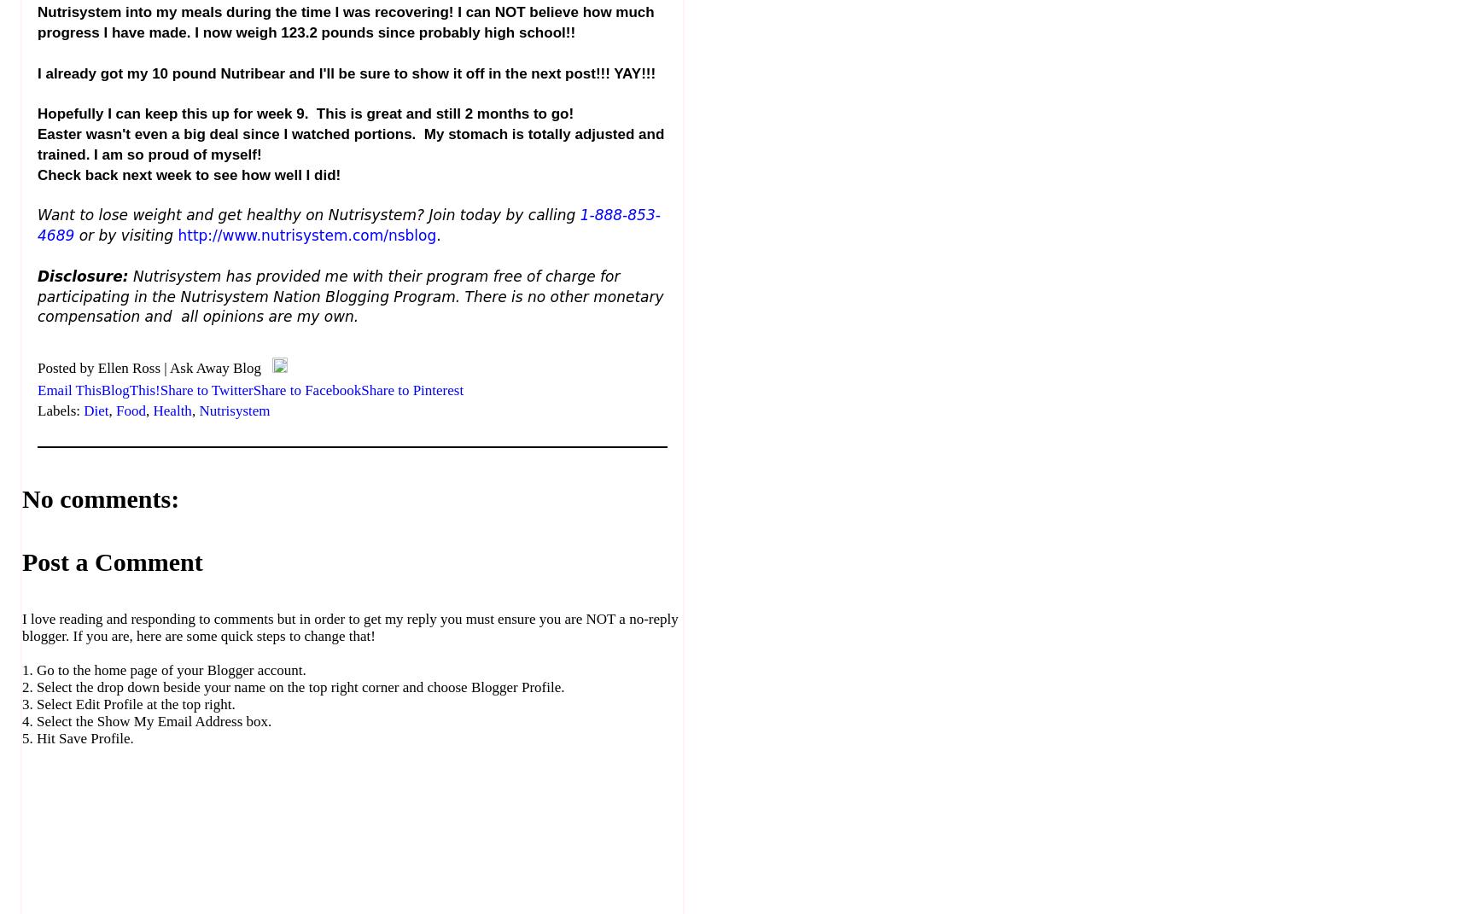  What do you see at coordinates (78, 738) in the screenshot?
I see `'5. Hit Save Profile.'` at bounding box center [78, 738].